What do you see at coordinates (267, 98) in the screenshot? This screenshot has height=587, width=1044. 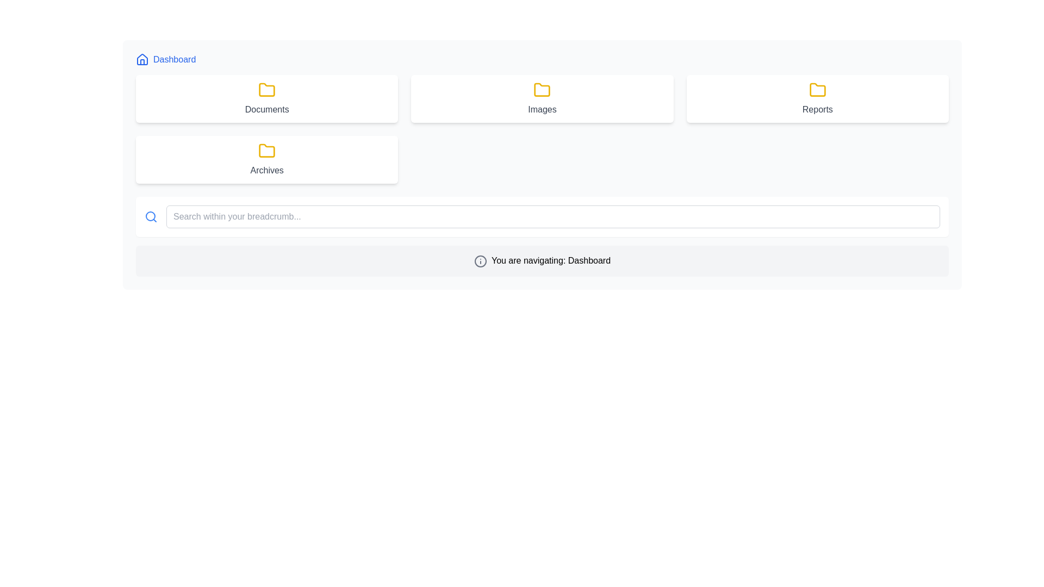 I see `the 'Documents' button, which is a rectangular card with a white background, rounded corners, and a yellow folder icon at the top` at bounding box center [267, 98].